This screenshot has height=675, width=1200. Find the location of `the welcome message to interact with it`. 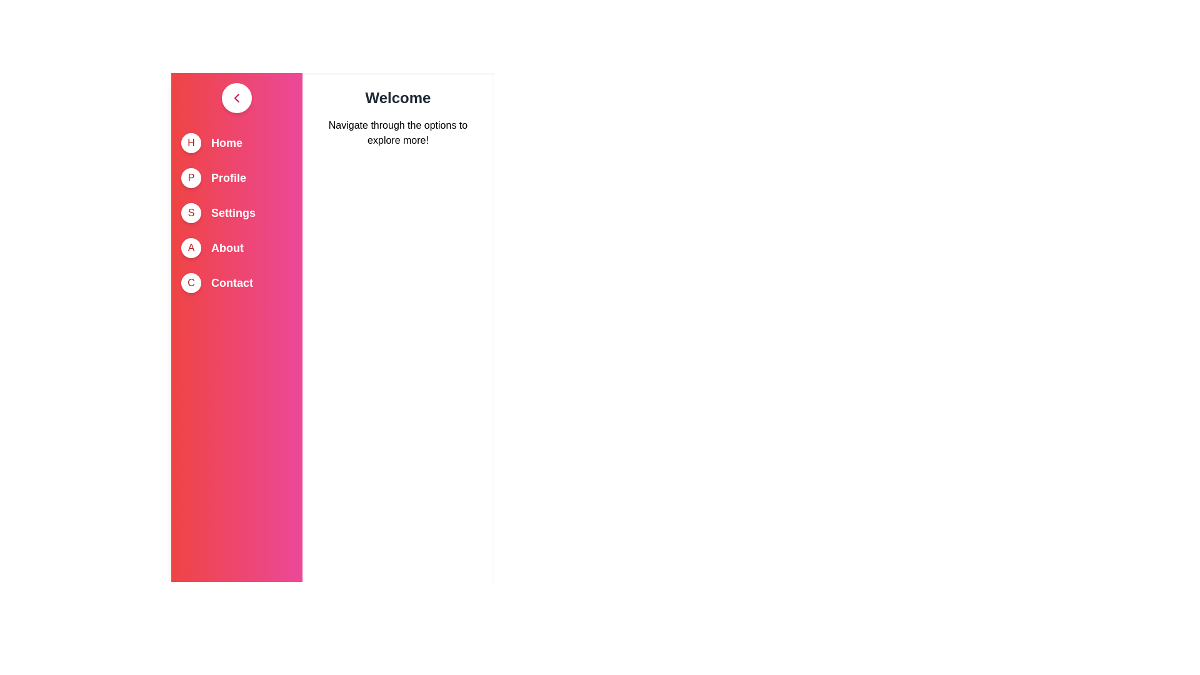

the welcome message to interact with it is located at coordinates (397, 97).